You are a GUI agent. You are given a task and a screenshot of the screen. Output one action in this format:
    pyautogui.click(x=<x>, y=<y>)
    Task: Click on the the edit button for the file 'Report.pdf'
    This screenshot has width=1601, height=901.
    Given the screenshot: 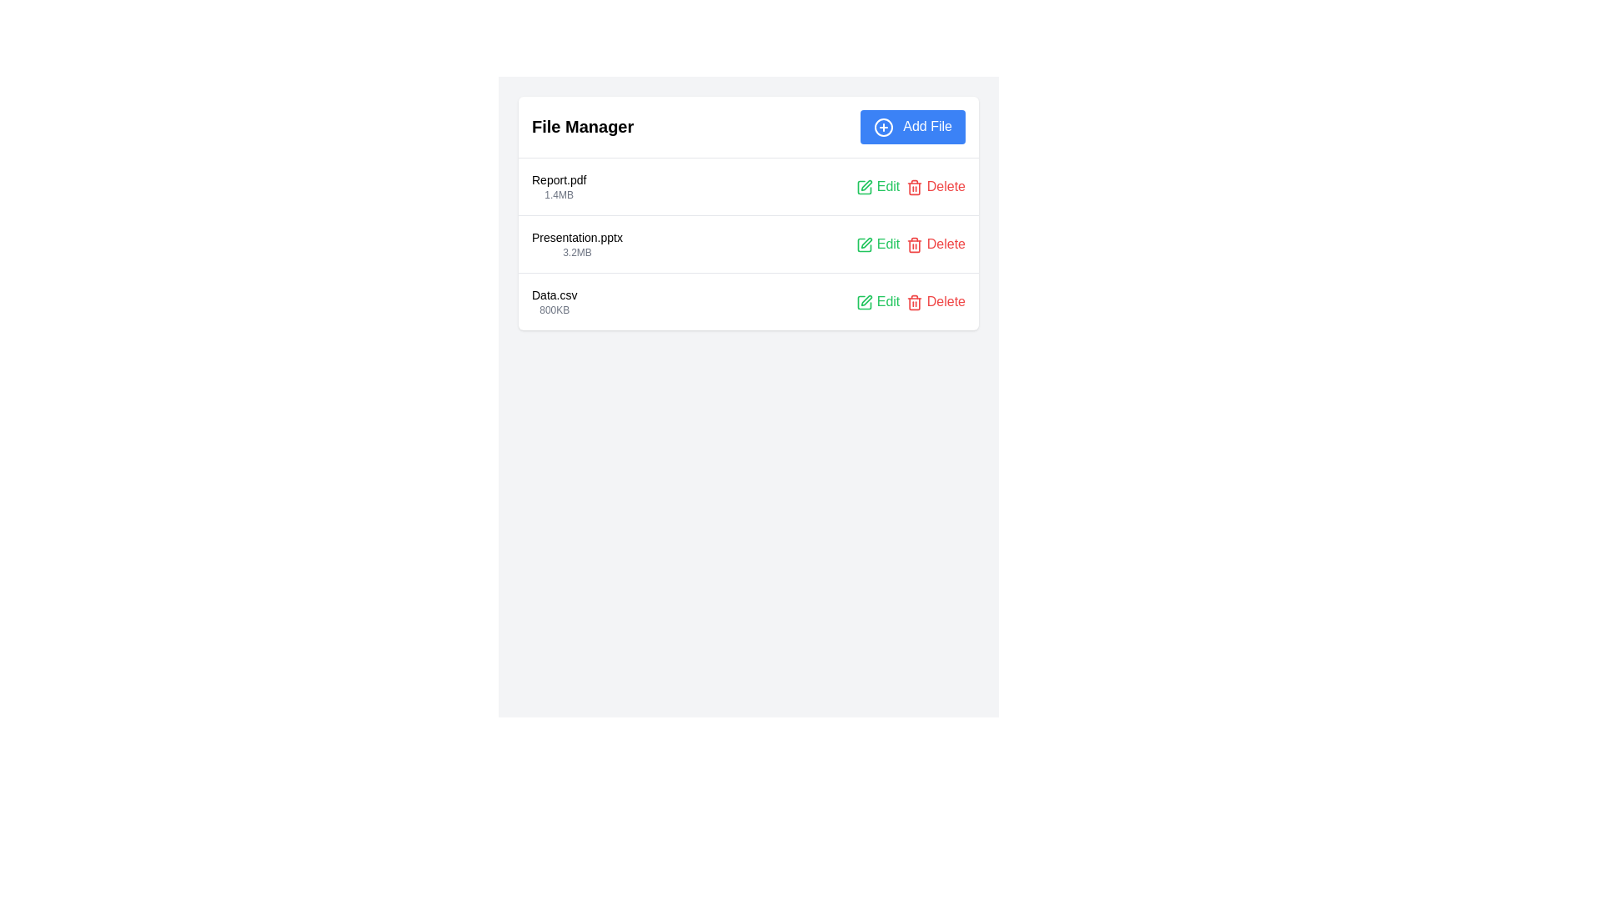 What is the action you would take?
    pyautogui.click(x=877, y=186)
    